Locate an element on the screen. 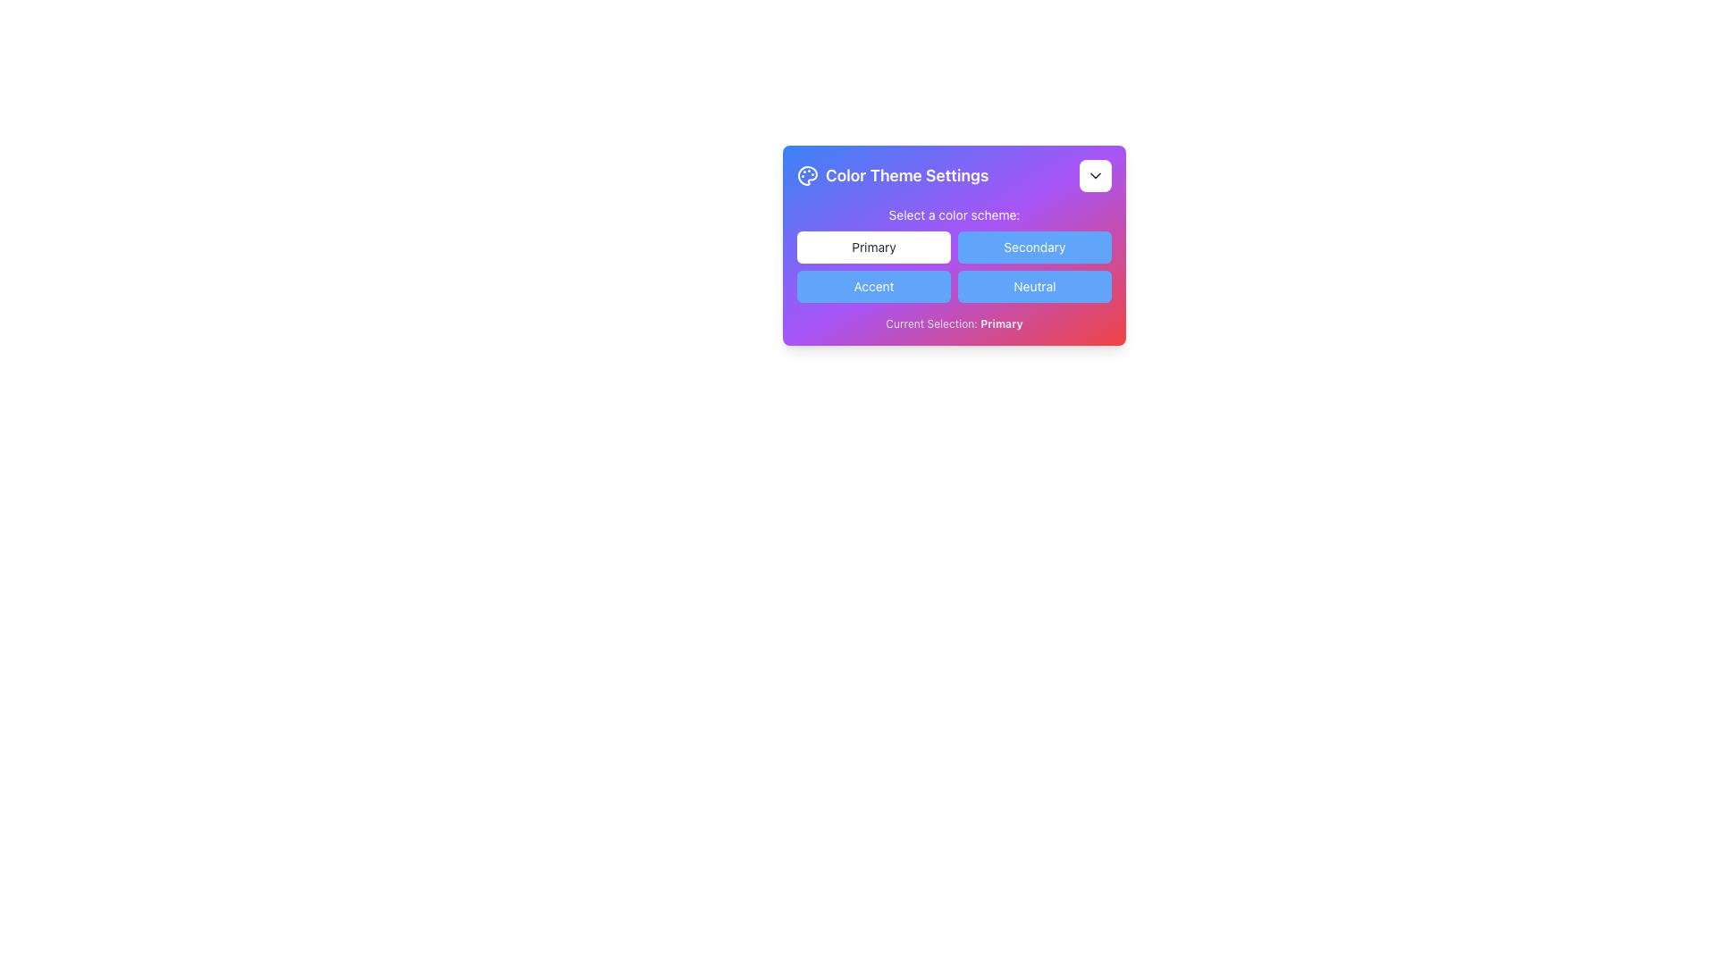 Image resolution: width=1716 pixels, height=965 pixels. the text label 'Primary' which indicates the currently selected color scheme in the settings menu is located at coordinates (1001, 323).